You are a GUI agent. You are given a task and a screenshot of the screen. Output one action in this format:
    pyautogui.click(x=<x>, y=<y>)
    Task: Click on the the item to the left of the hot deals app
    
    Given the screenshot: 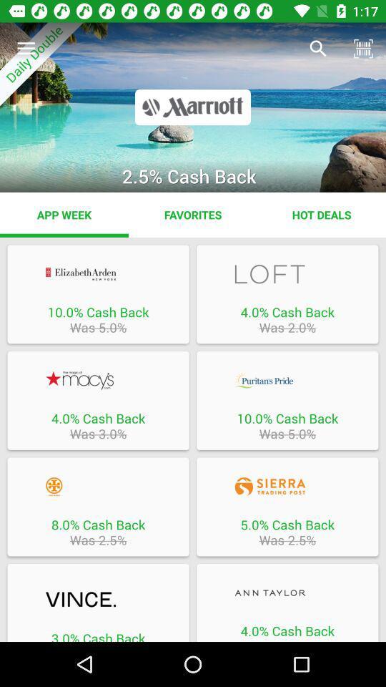 What is the action you would take?
    pyautogui.click(x=193, y=214)
    